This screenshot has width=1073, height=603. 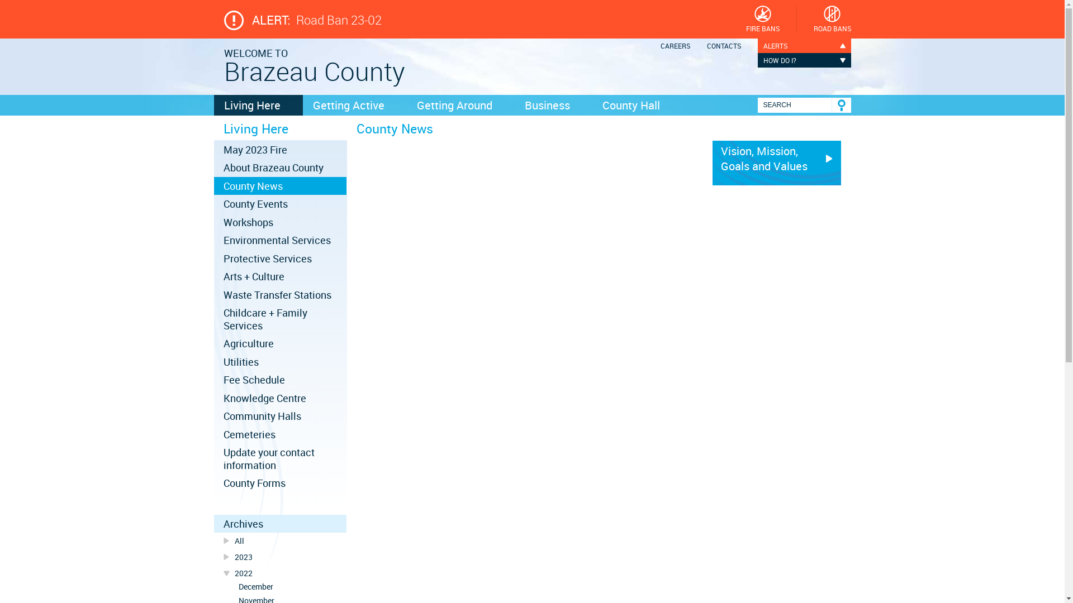 What do you see at coordinates (213, 276) in the screenshot?
I see `'Arts + Culture'` at bounding box center [213, 276].